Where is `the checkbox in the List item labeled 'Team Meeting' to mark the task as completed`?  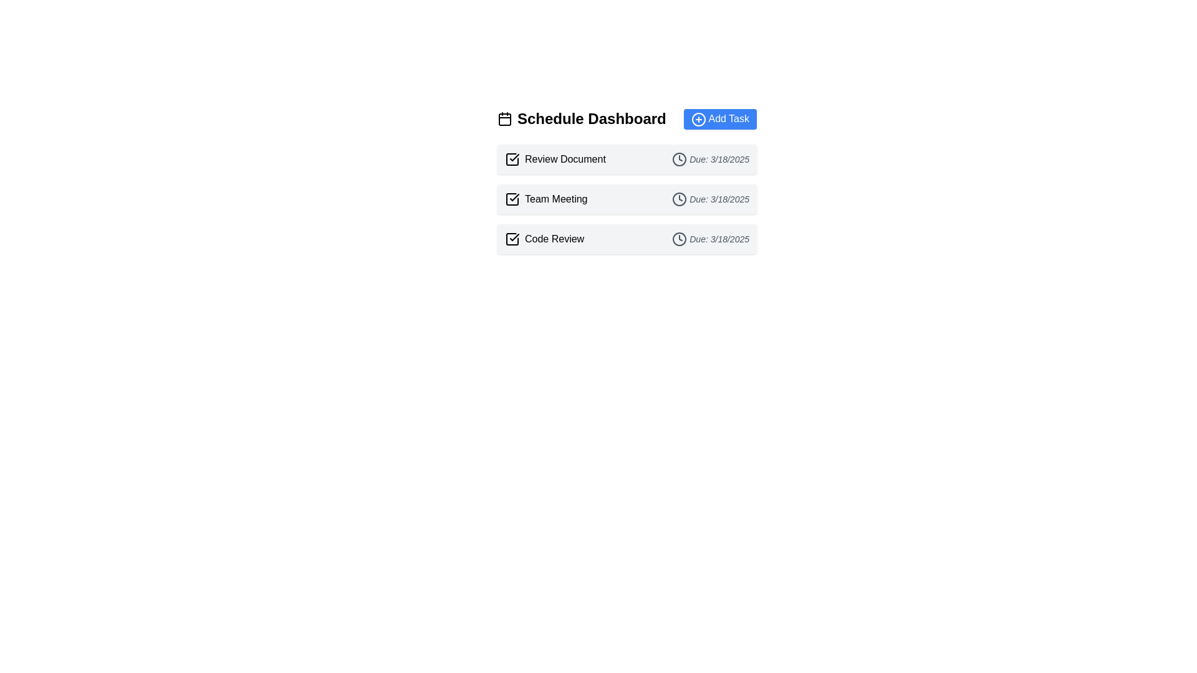
the checkbox in the List item labeled 'Team Meeting' to mark the task as completed is located at coordinates (627, 198).